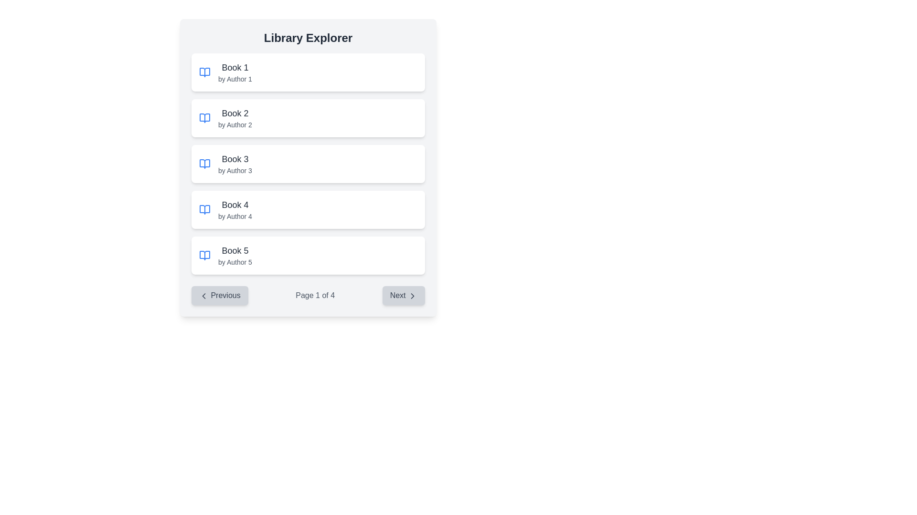  What do you see at coordinates (235, 216) in the screenshot?
I see `the Text label displaying the author of 'Book 4', which is located beneath the title in the book list interface` at bounding box center [235, 216].